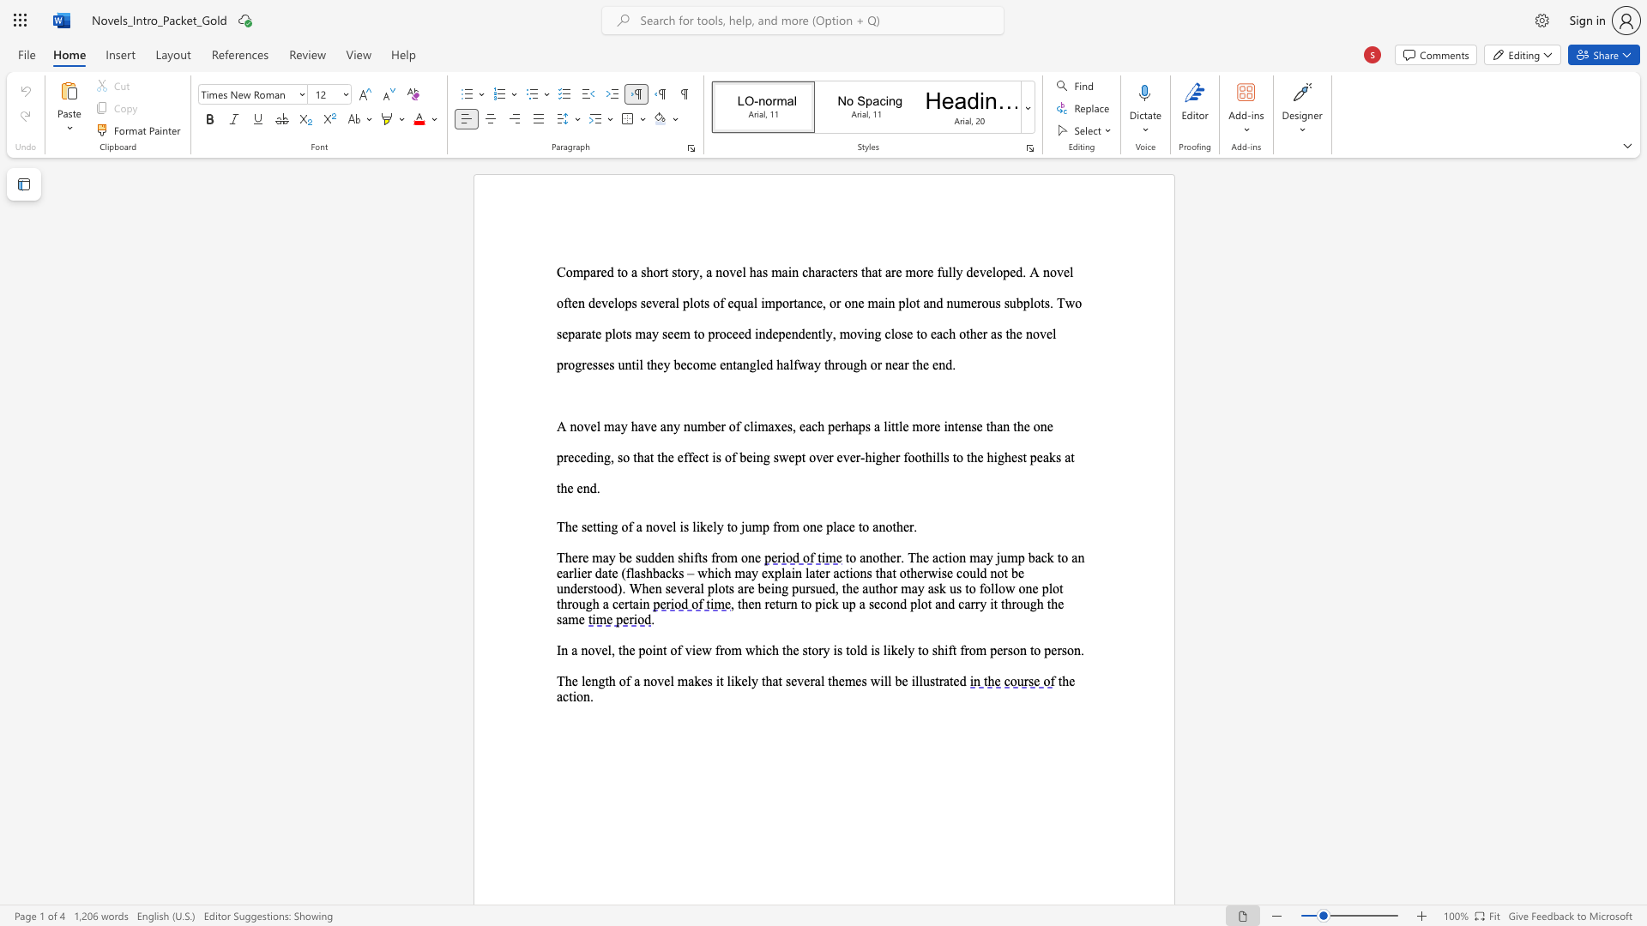  Describe the element at coordinates (803, 680) in the screenshot. I see `the subset text "eral themes will be illustrated" within the text "The length of a novel makes it likely that several themes will be illustrated"` at that location.